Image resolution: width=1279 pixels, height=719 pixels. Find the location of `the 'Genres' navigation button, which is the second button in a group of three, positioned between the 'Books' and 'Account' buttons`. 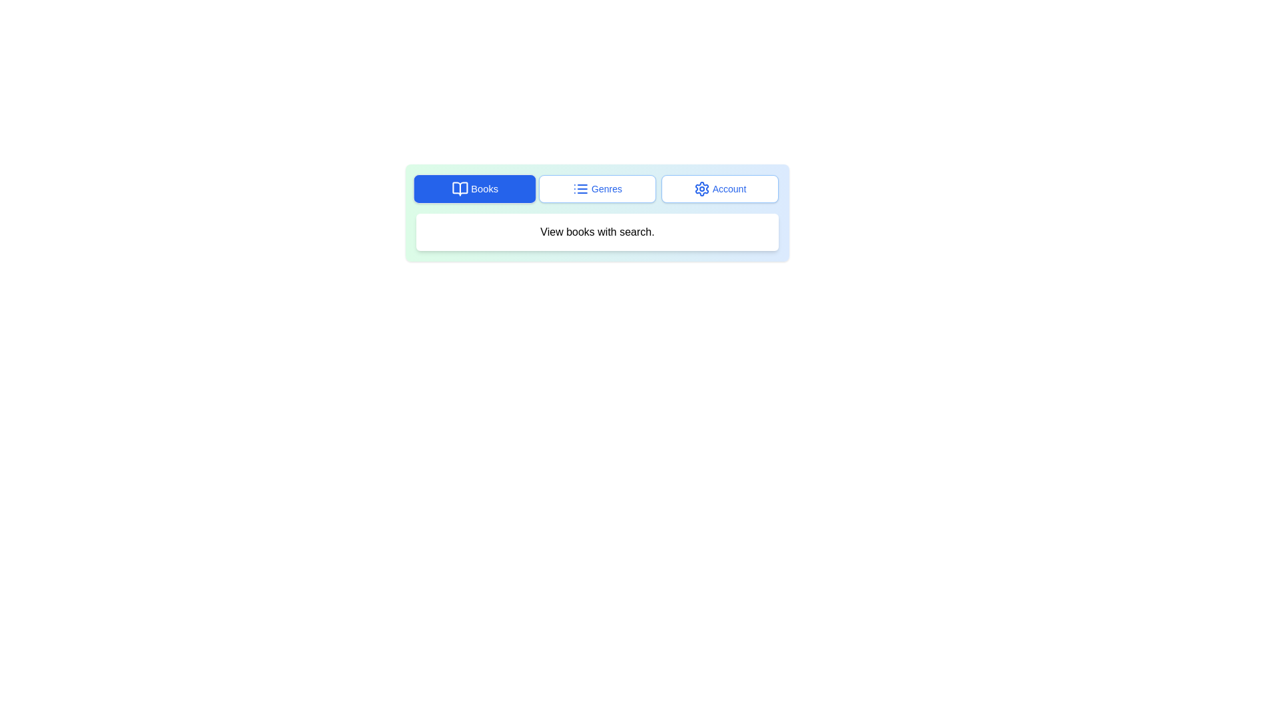

the 'Genres' navigation button, which is the second button in a group of three, positioned between the 'Books' and 'Account' buttons is located at coordinates (597, 189).